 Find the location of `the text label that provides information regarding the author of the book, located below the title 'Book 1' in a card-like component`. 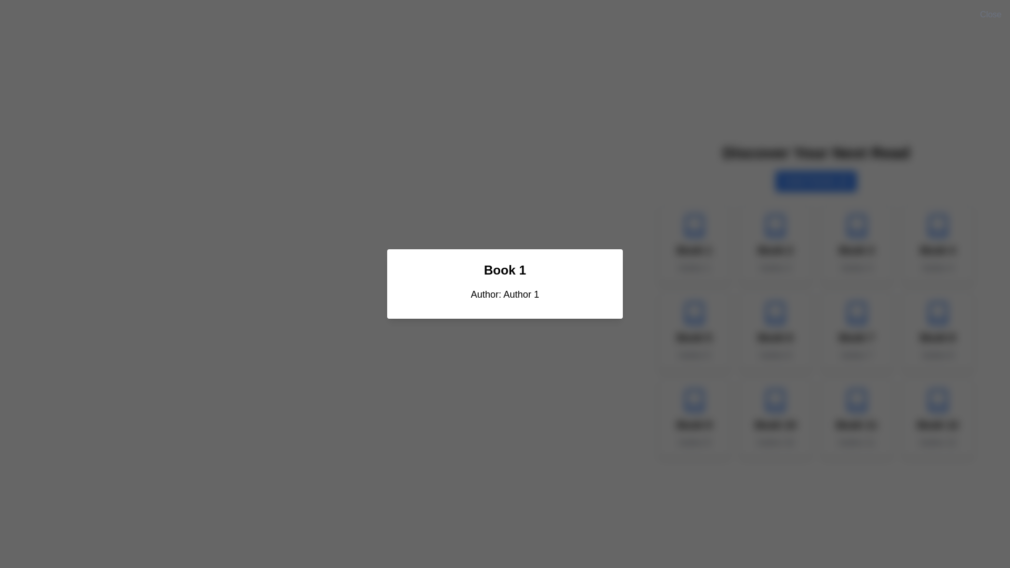

the text label that provides information regarding the author of the book, located below the title 'Book 1' in a card-like component is located at coordinates (505, 294).